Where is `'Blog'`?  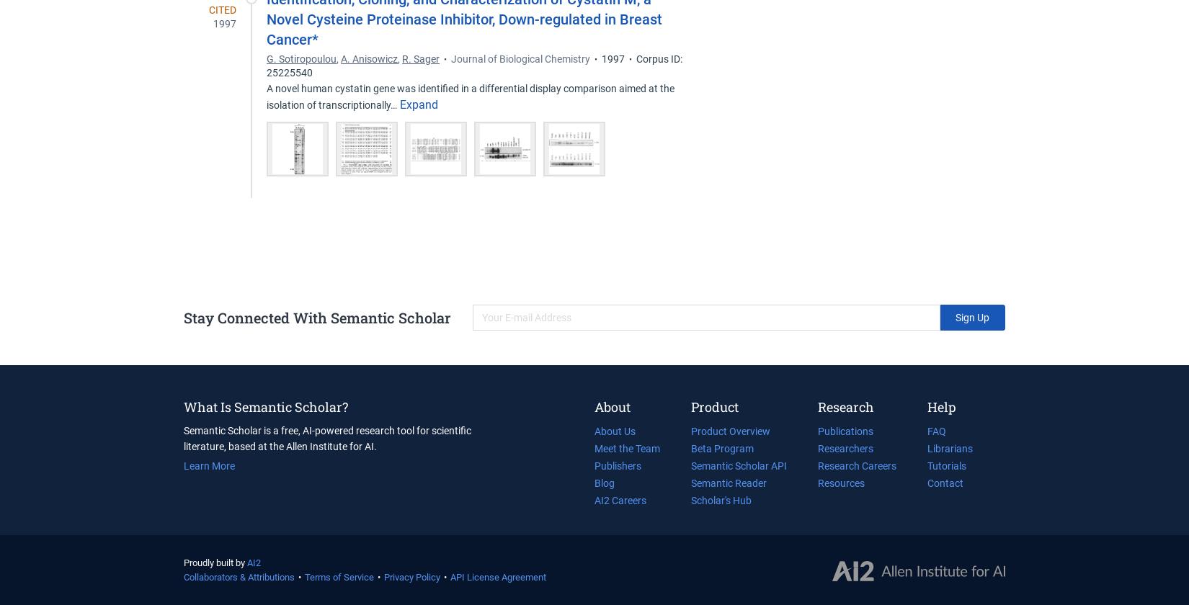
'Blog' is located at coordinates (594, 483).